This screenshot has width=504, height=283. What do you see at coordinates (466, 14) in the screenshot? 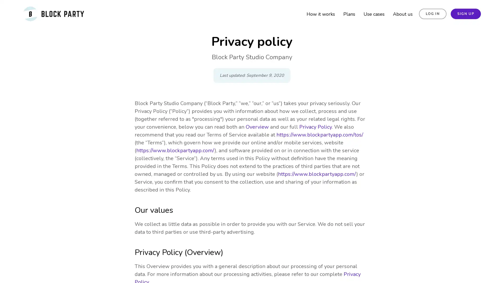
I see `SIGN UP` at bounding box center [466, 14].